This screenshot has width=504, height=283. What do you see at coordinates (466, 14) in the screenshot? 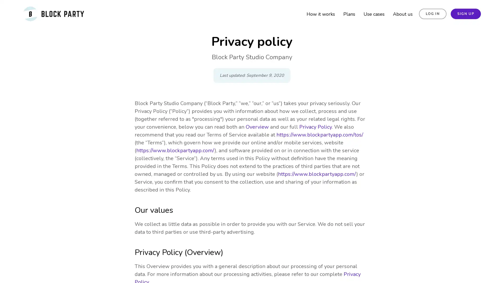
I see `SIGN UP` at bounding box center [466, 14].